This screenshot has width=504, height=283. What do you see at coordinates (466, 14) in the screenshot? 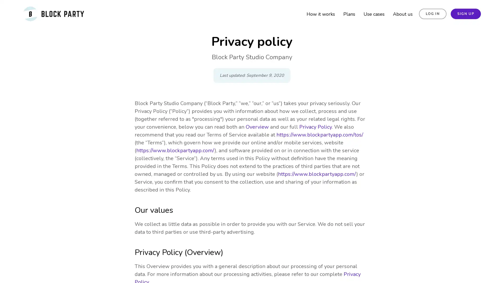
I see `SIGN UP` at bounding box center [466, 14].